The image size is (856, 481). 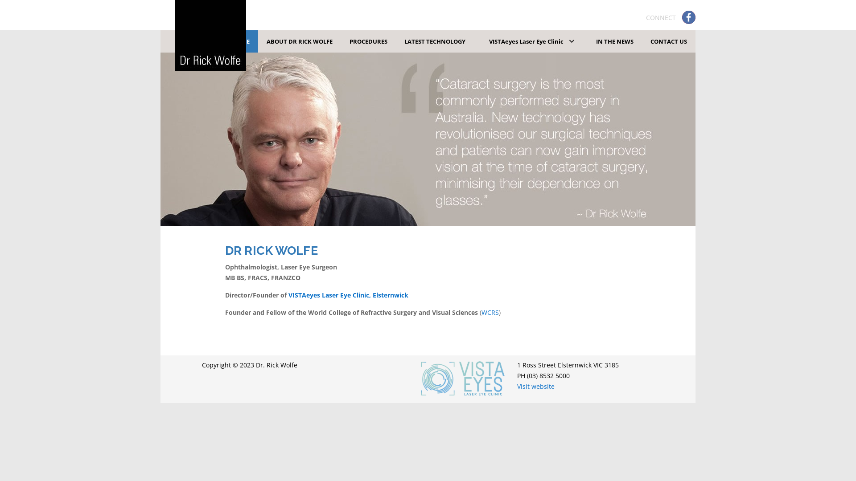 I want to click on 'Visit website', so click(x=535, y=386).